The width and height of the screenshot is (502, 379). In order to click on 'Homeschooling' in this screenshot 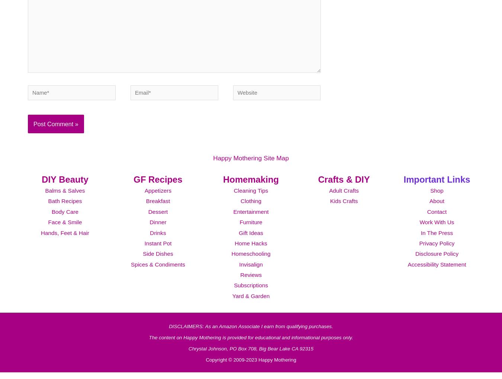, I will do `click(251, 263)`.